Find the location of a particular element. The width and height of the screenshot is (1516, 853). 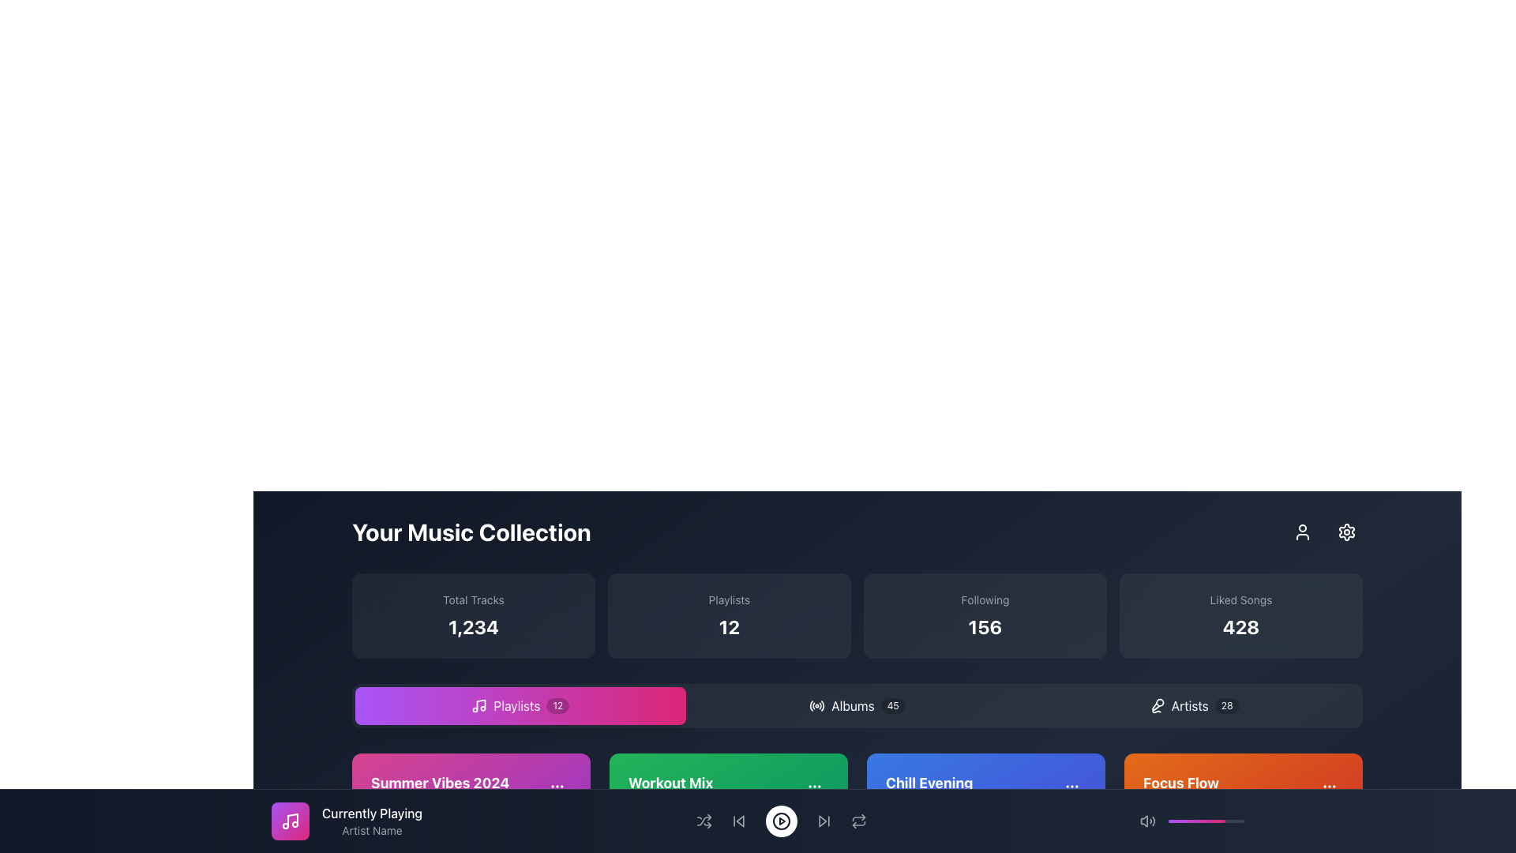

the Label with Text that reads 'Workout Mix' in bold font on a green background, located in the middle column of the playlist area, between 'Summer Vibes 2024' and 'Chill Evening' is located at coordinates (670, 792).